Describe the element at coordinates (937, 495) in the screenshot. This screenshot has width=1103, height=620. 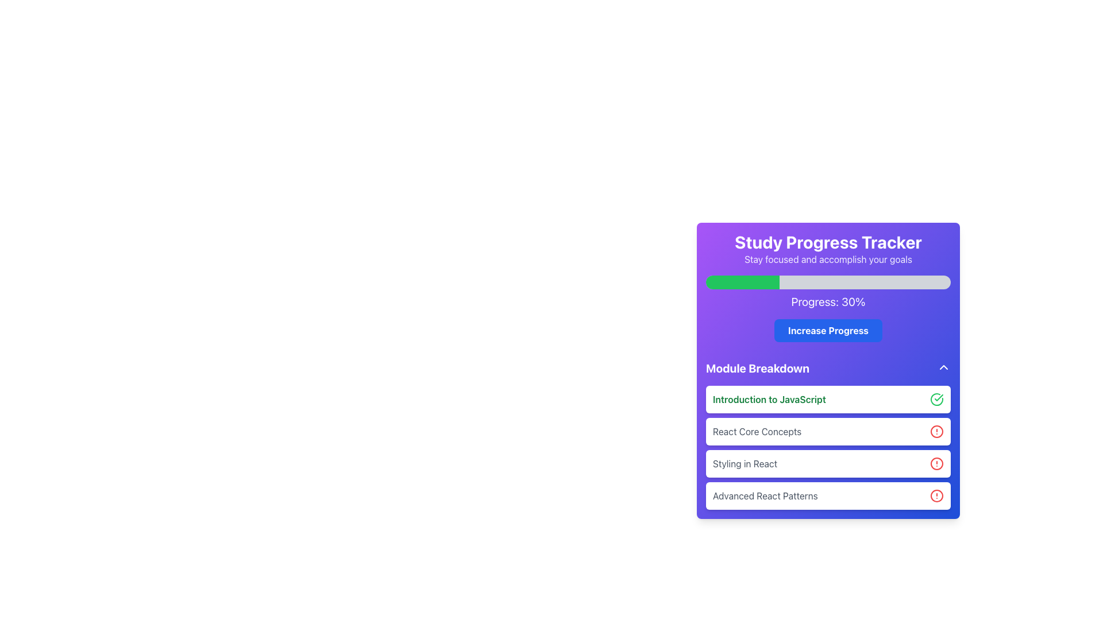
I see `the red alert status icon circular element for the 'Advanced React Patterns' module in the 'Module Breakdown' section` at that location.